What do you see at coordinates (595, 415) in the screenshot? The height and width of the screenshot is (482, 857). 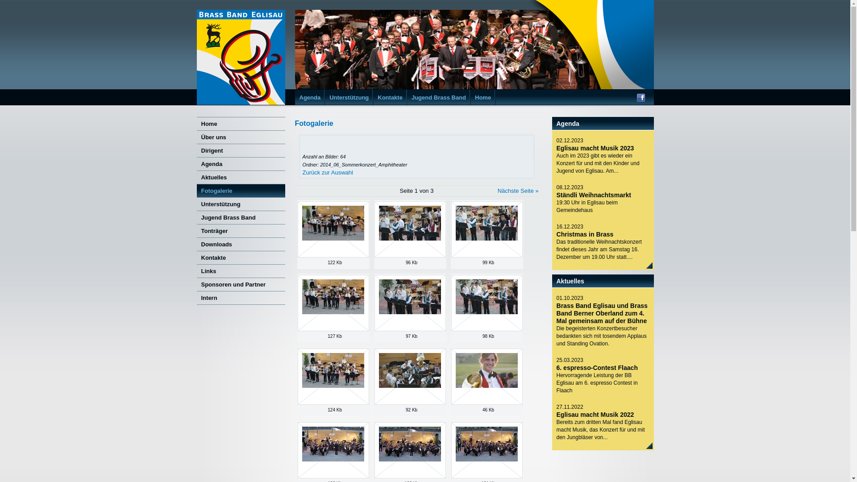 I see `'Eglisau macht Musik 2022'` at bounding box center [595, 415].